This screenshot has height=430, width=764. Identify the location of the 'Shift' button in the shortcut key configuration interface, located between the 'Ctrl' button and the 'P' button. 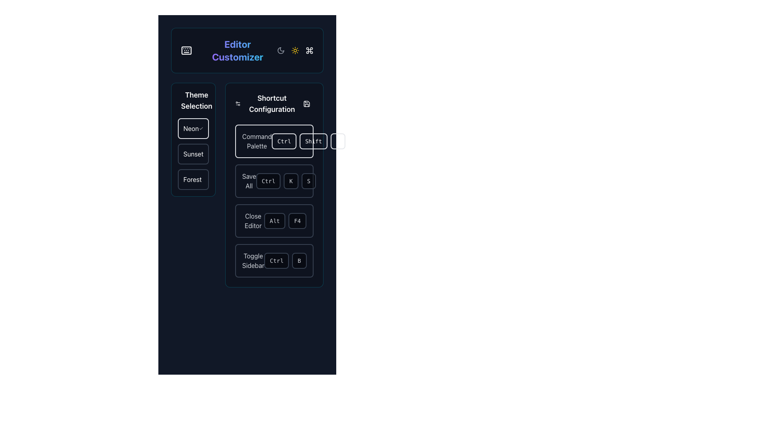
(313, 141).